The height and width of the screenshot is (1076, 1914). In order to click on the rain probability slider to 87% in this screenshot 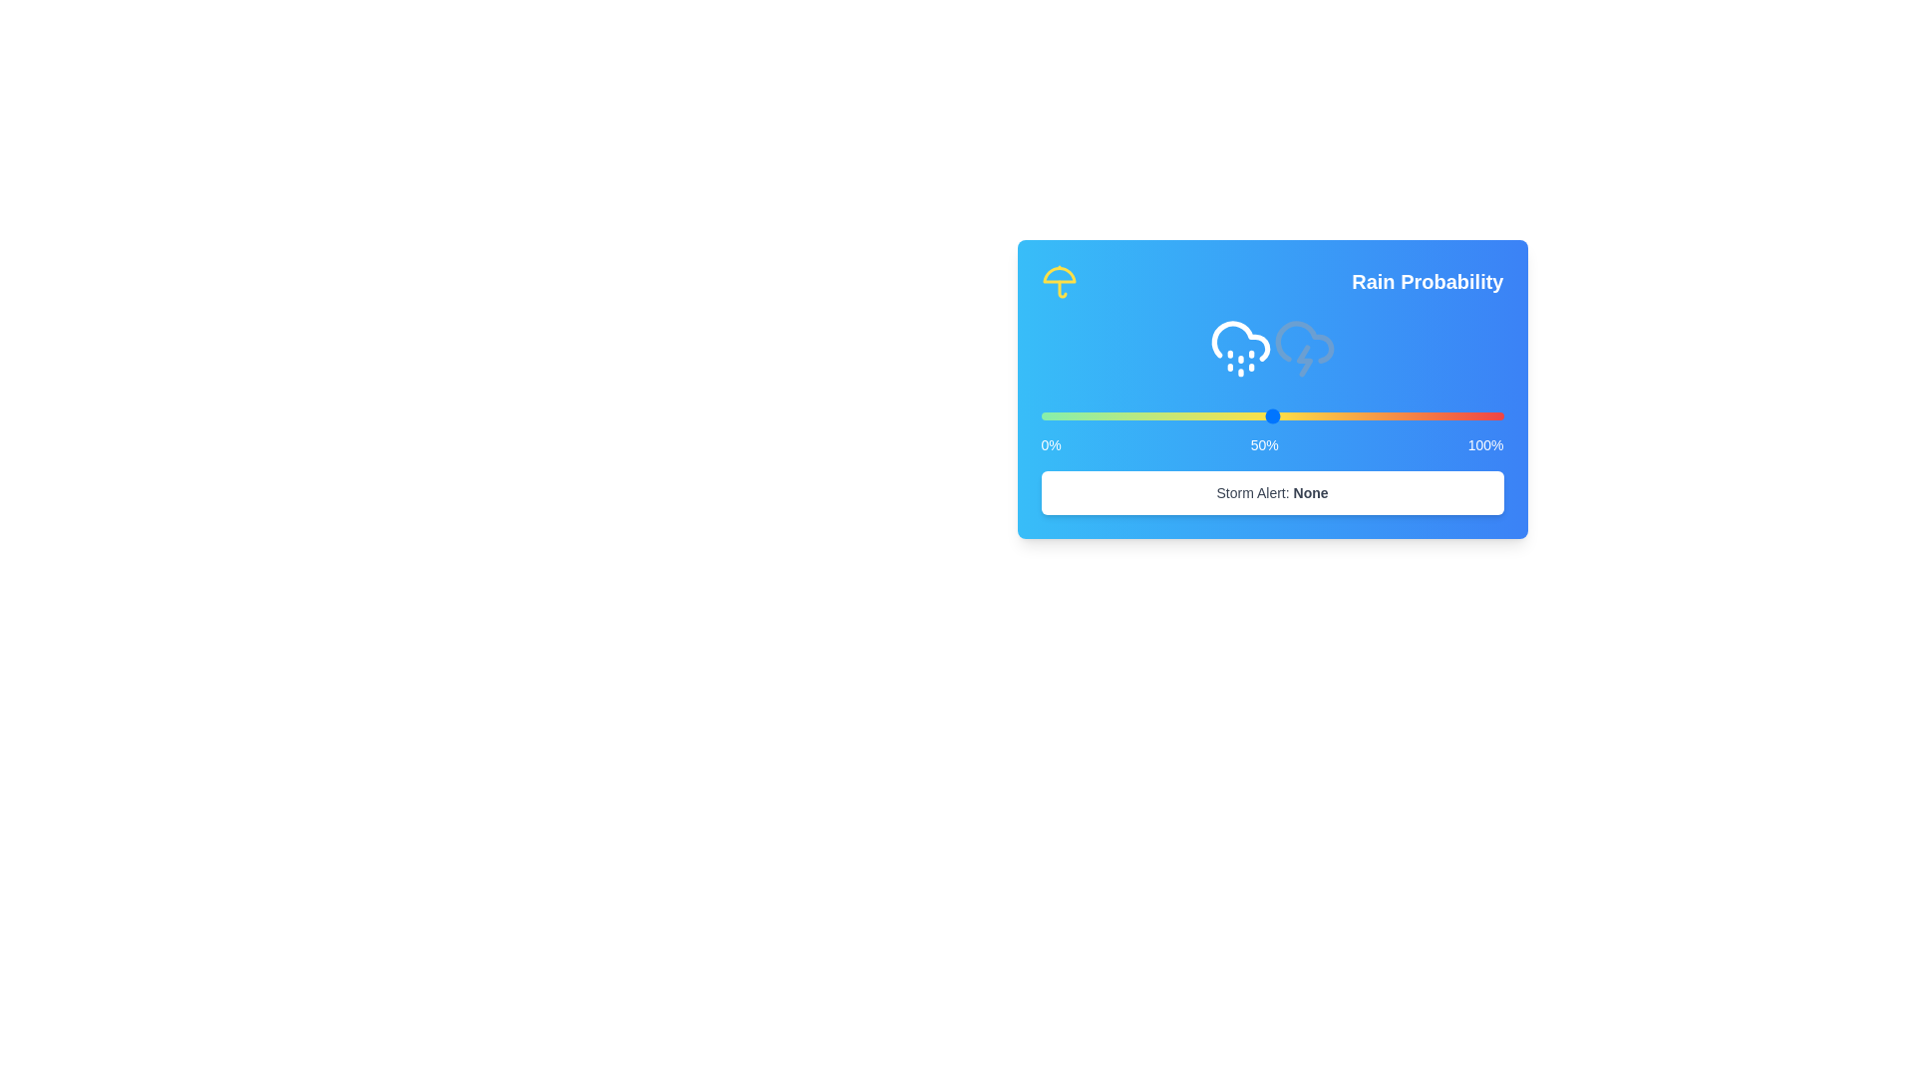, I will do `click(1443, 414)`.